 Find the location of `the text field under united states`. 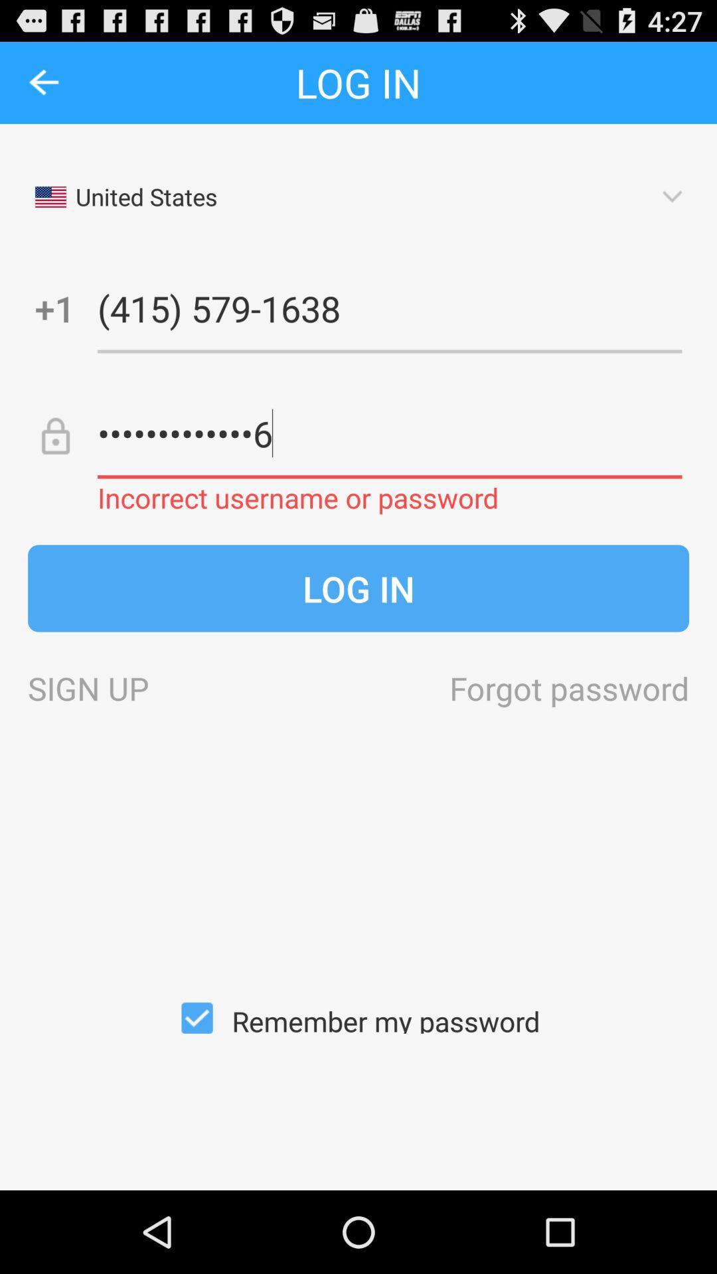

the text field under united states is located at coordinates (389, 307).